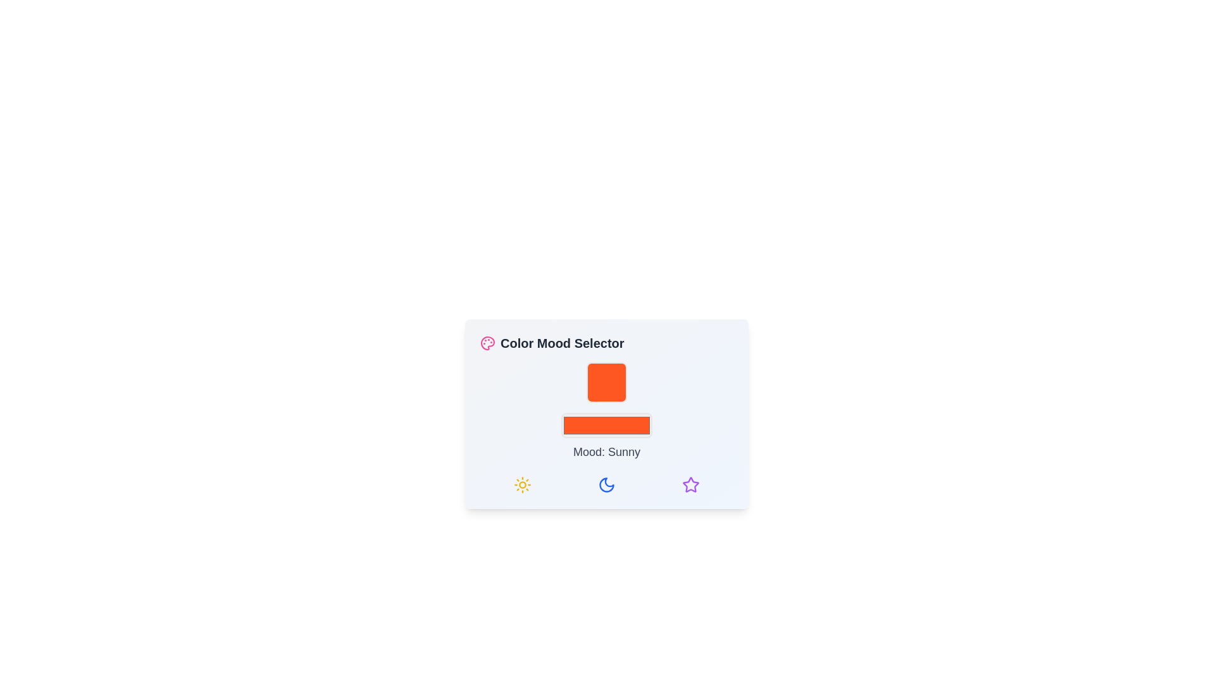 Image resolution: width=1215 pixels, height=683 pixels. Describe the element at coordinates (606, 484) in the screenshot. I see `the crescent moon icon button, which represents the night theme` at that location.